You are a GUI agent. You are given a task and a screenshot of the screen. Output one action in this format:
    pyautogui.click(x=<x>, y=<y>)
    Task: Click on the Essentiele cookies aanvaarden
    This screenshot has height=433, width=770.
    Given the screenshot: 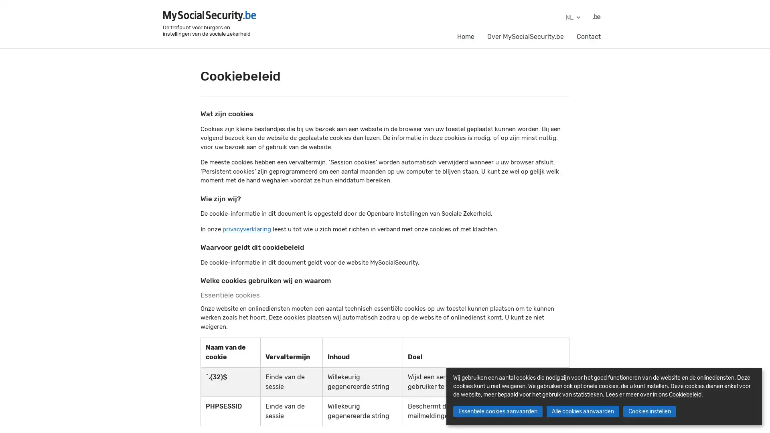 What is the action you would take?
    pyautogui.click(x=497, y=411)
    